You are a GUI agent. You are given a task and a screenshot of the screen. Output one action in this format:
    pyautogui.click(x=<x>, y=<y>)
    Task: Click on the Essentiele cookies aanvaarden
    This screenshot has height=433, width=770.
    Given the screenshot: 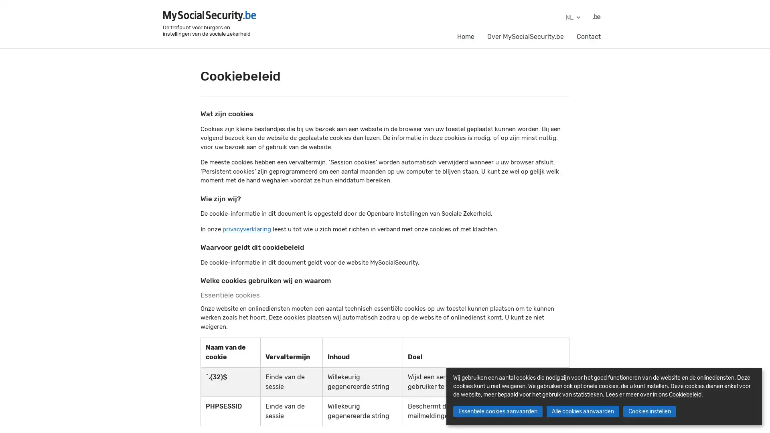 What is the action you would take?
    pyautogui.click(x=497, y=411)
    